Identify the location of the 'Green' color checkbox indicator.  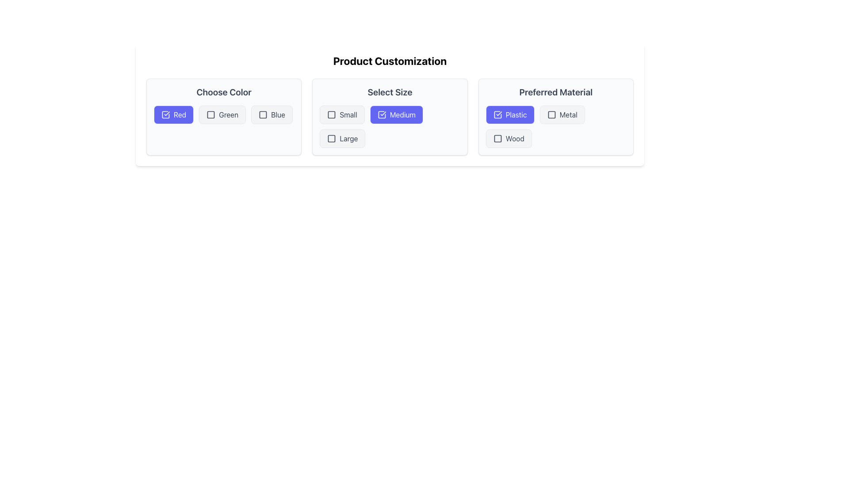
(210, 114).